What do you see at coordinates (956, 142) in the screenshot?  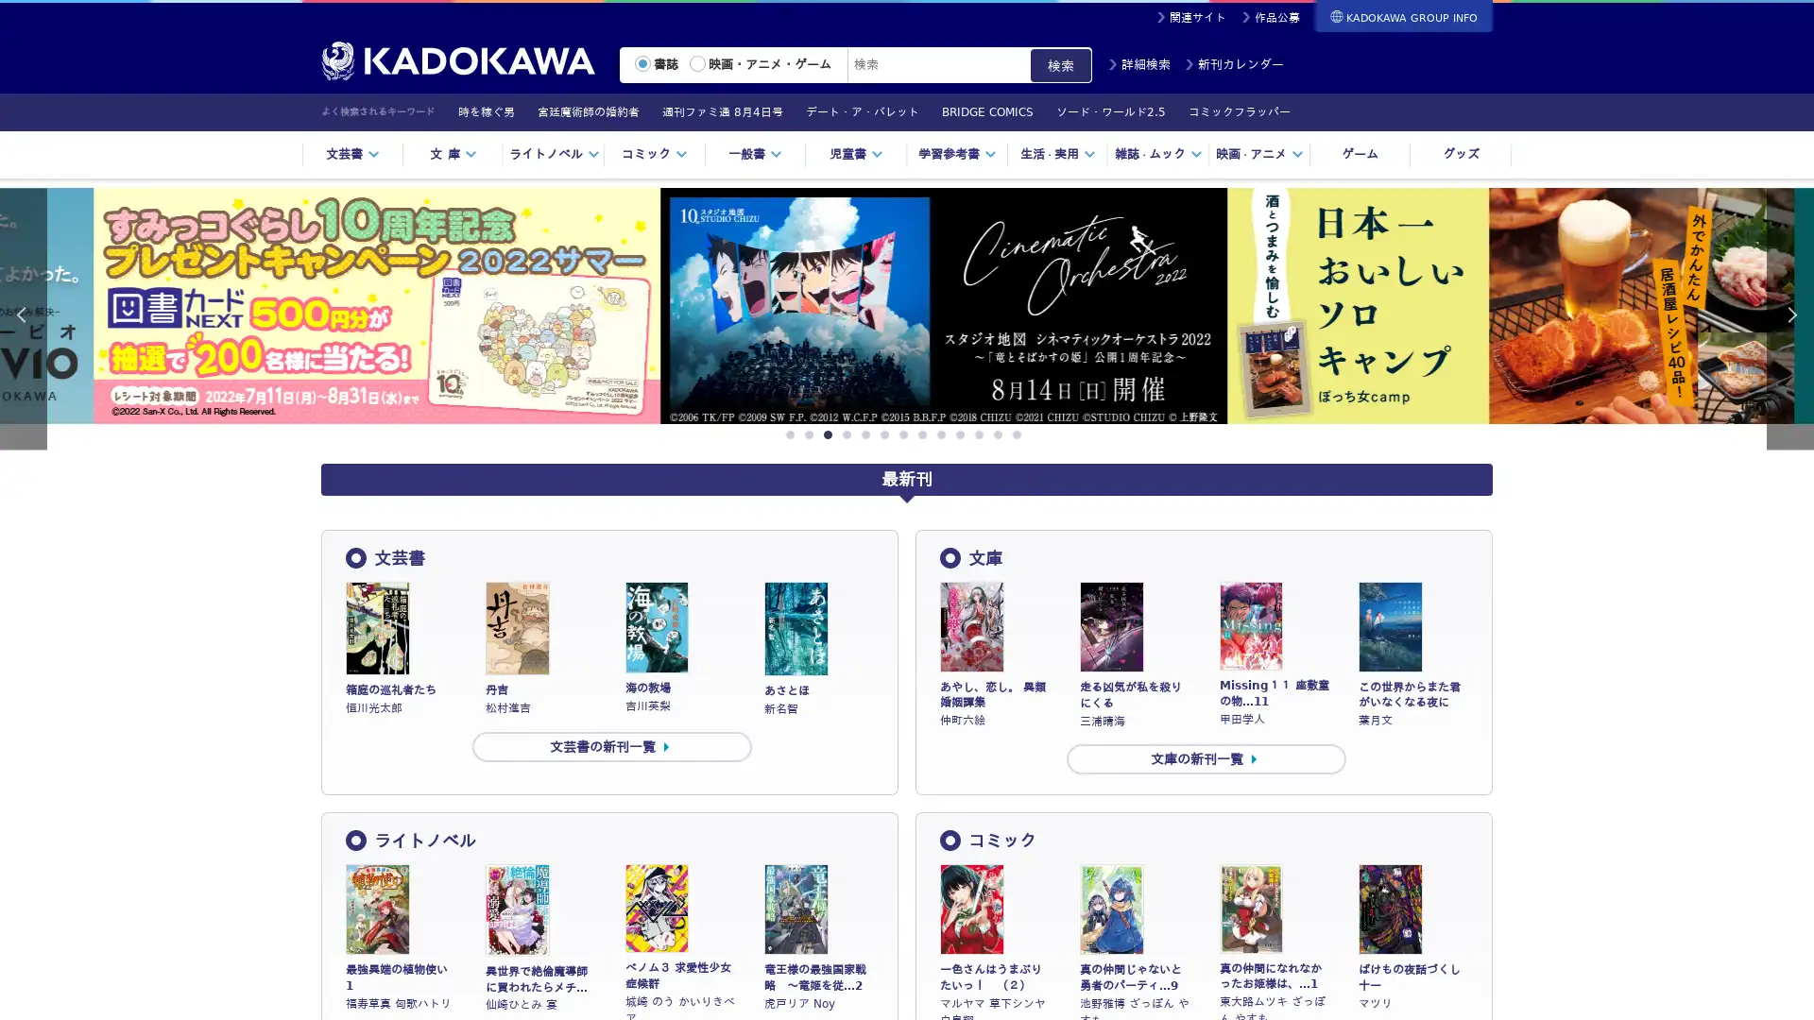 I see `? 3` at bounding box center [956, 142].